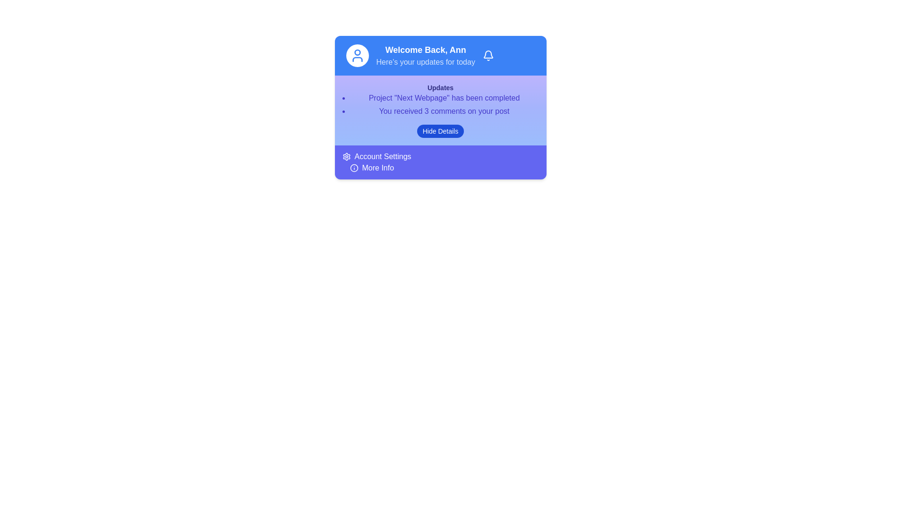 This screenshot has height=510, width=907. I want to click on information displayed in the Informational Panel with a purple background and the heading 'Updates', which includes two bullet points and a button labeled 'Hide Details', so click(440, 110).